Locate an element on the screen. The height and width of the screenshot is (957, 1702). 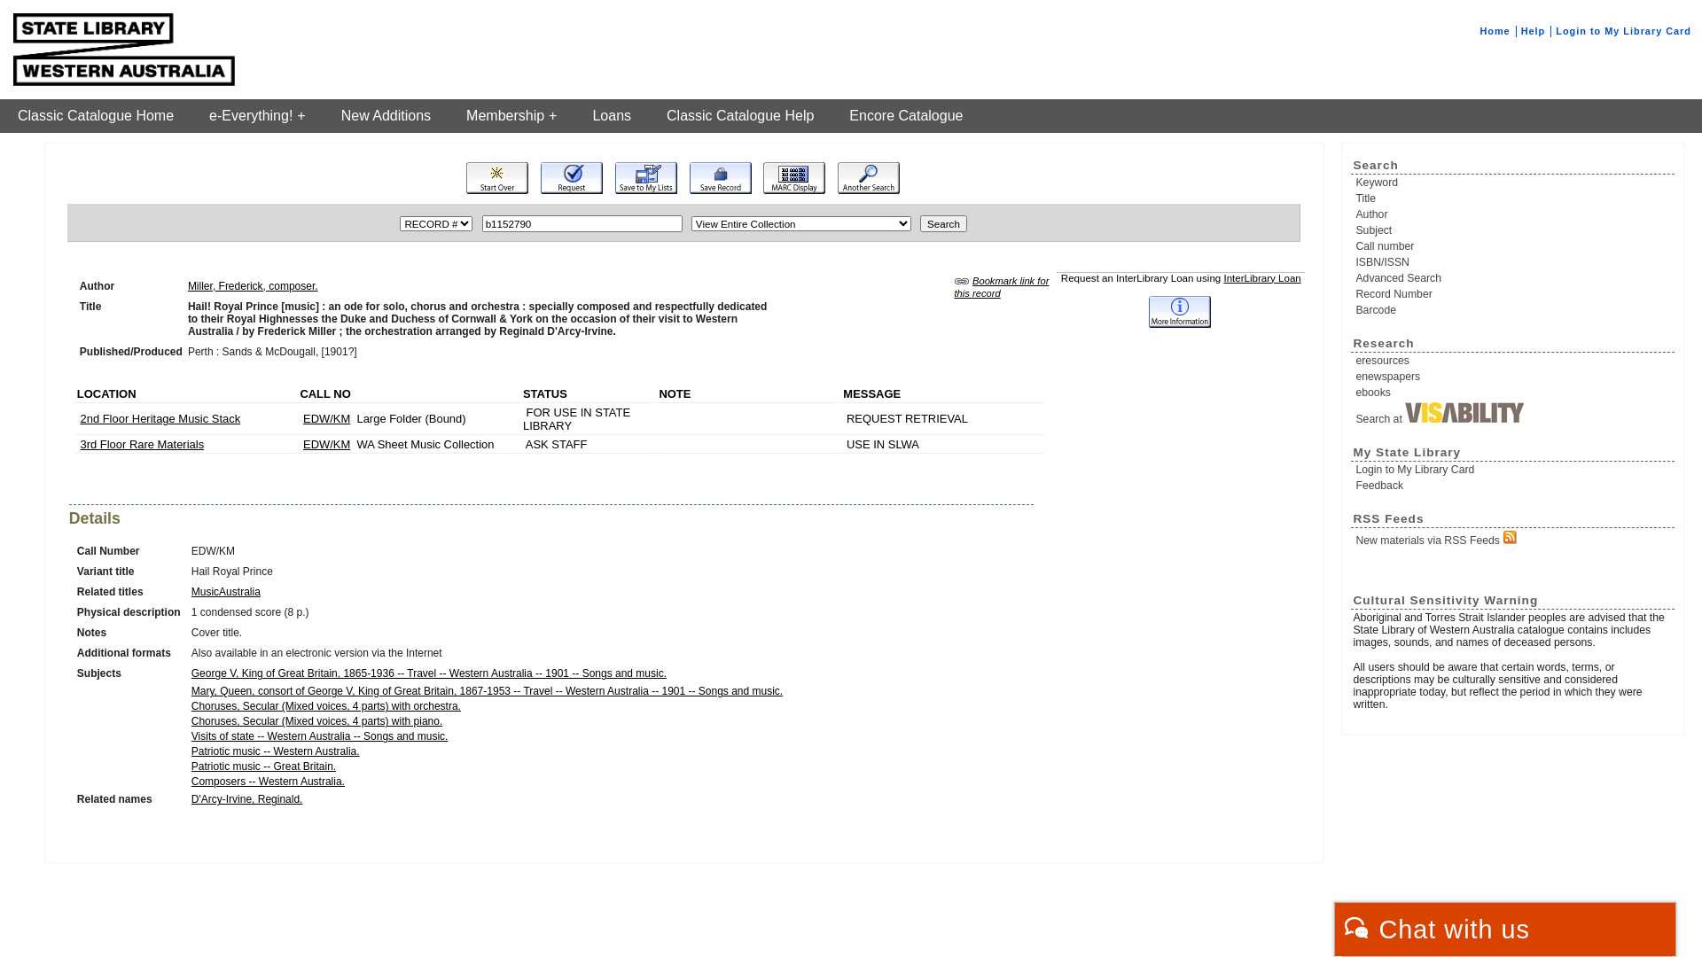
'Search at' is located at coordinates (1513, 413).